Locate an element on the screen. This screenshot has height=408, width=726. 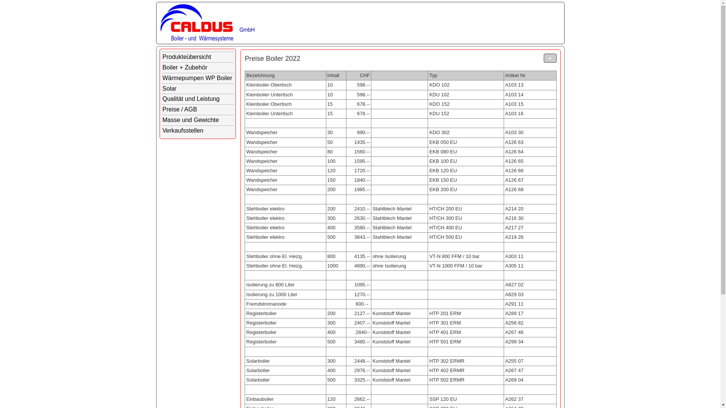
'Solar' is located at coordinates (198, 88).